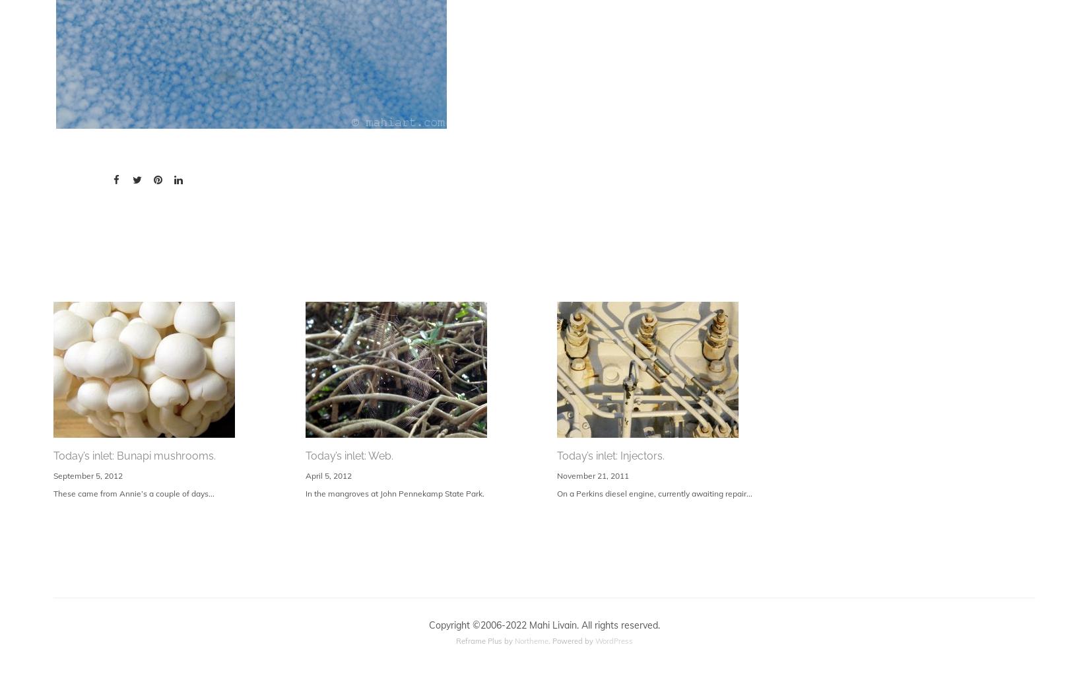 This screenshot has width=1089, height=692. Describe the element at coordinates (550, 640) in the screenshot. I see `'.'` at that location.